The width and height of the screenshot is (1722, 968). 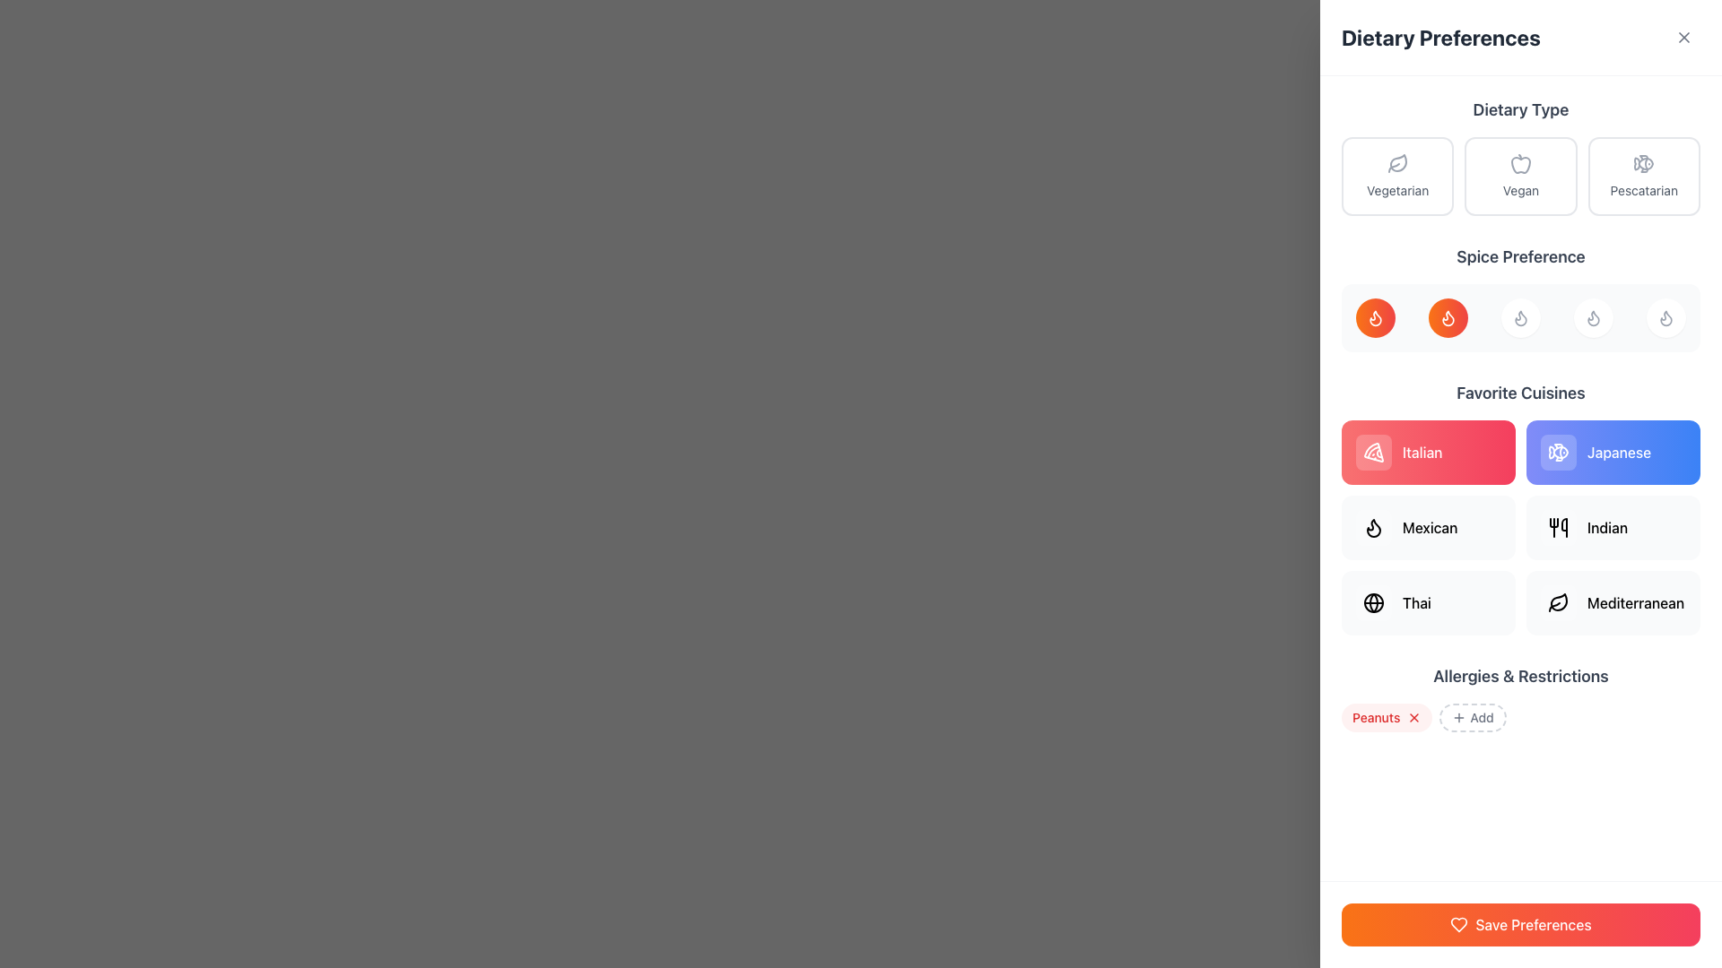 What do you see at coordinates (1613, 452) in the screenshot?
I see `the button labeled 'Japanese' in the 'Favorite Cuisines' section` at bounding box center [1613, 452].